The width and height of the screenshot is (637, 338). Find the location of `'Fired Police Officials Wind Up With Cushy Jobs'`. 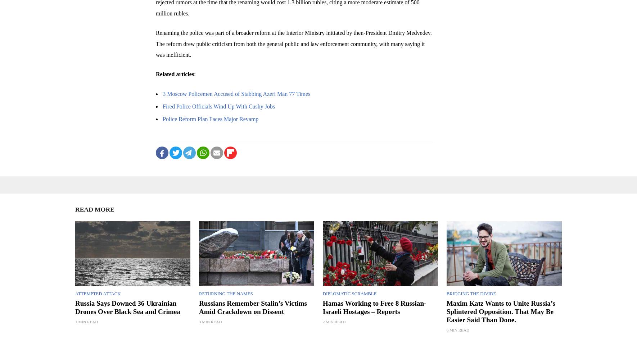

'Fired Police Officials Wind Up With Cushy Jobs' is located at coordinates (218, 106).